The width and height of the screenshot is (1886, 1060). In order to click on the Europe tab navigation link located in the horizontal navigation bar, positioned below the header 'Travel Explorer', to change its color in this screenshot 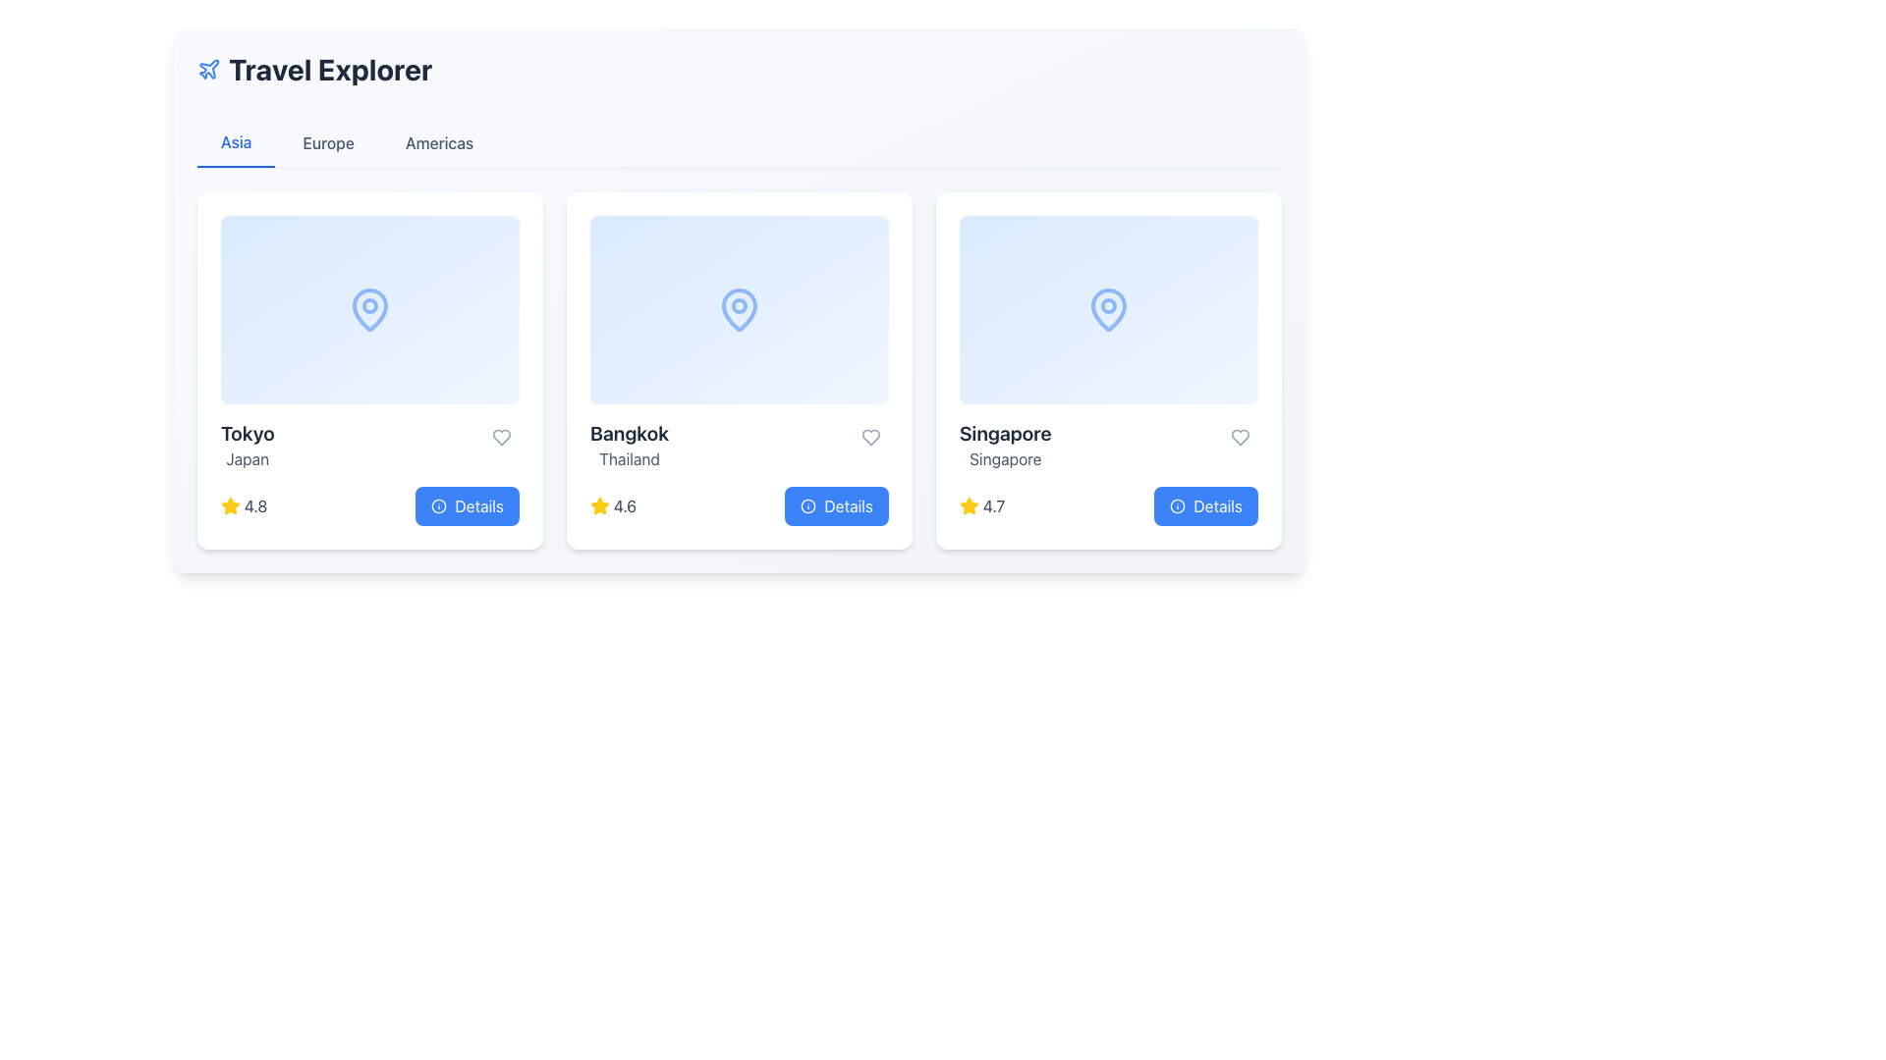, I will do `click(328, 142)`.